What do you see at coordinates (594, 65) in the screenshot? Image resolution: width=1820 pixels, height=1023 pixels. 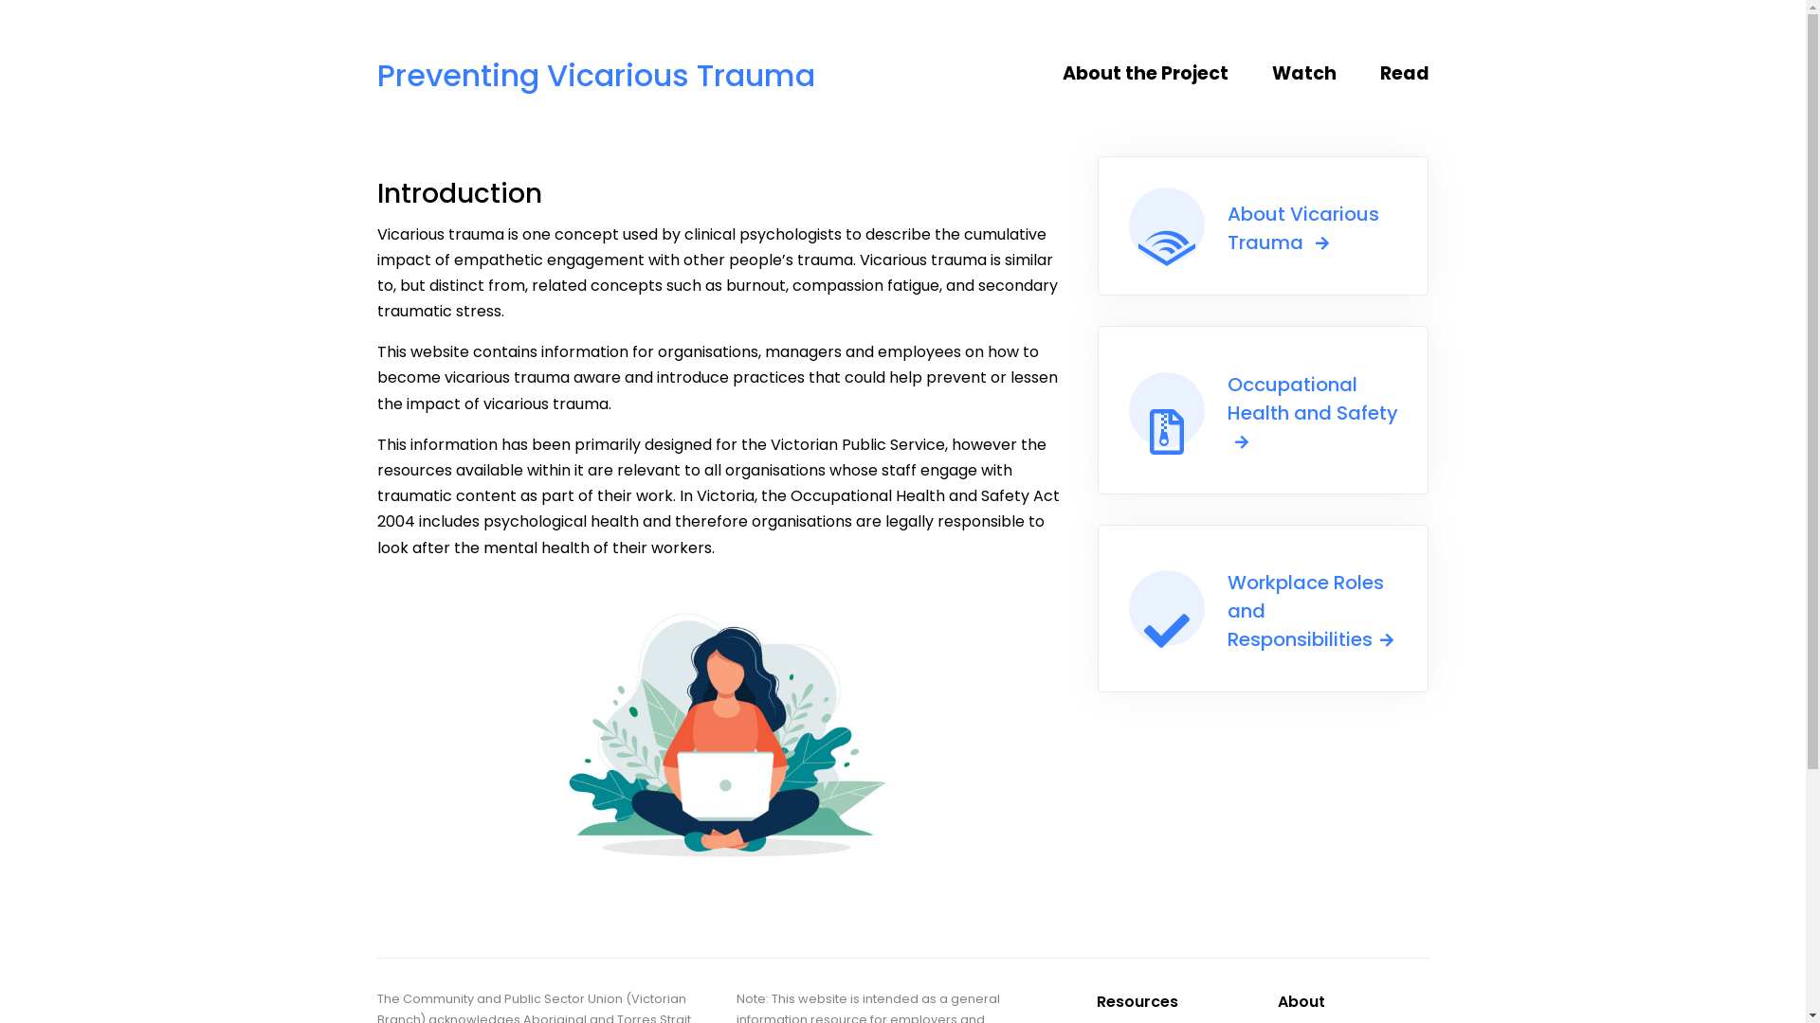 I see `'Preventing Vicarious Trauma'` at bounding box center [594, 65].